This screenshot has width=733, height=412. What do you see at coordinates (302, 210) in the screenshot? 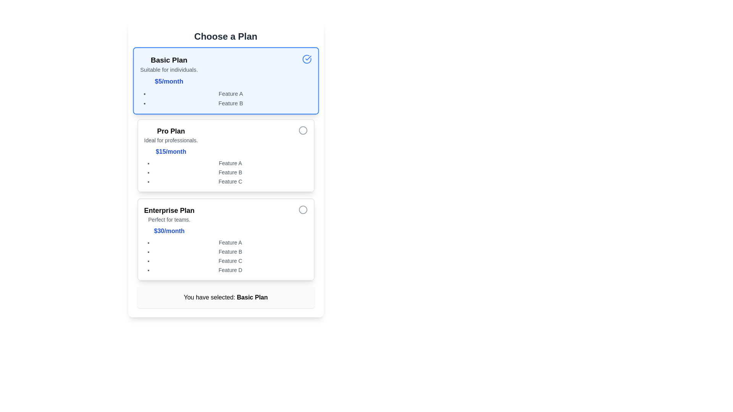
I see `the selectable icon located at the top-right corner of the 'Enterprise Plan' section` at bounding box center [302, 210].